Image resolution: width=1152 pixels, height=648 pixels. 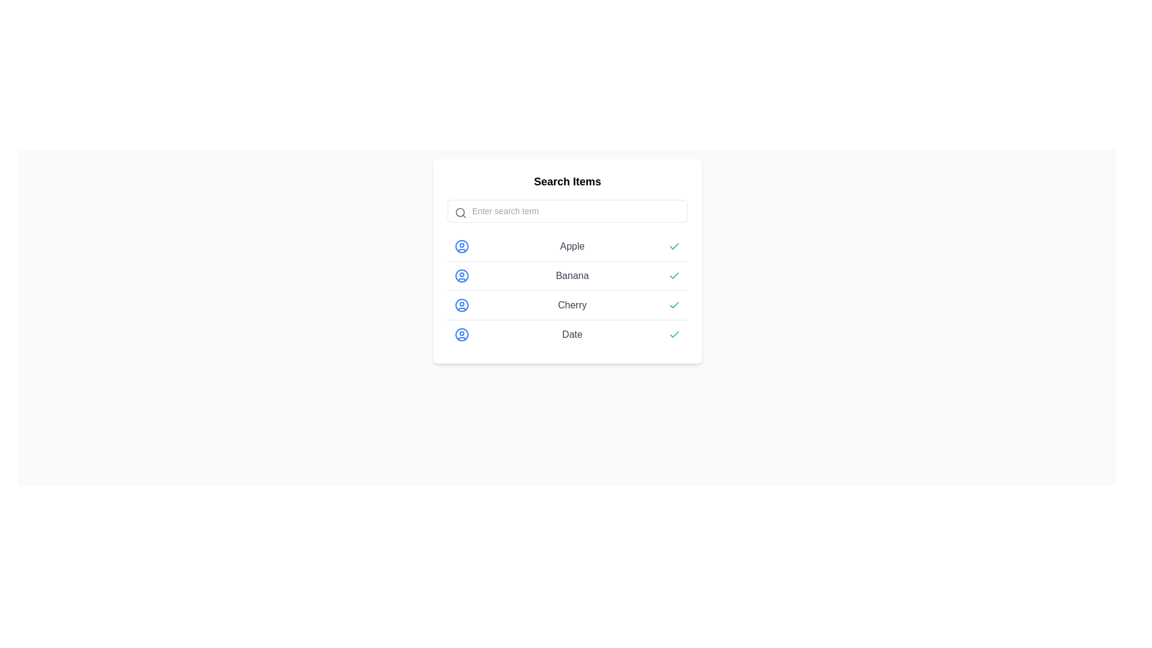 What do you see at coordinates (566, 260) in the screenshot?
I see `the list item labeled 'Banana'` at bounding box center [566, 260].